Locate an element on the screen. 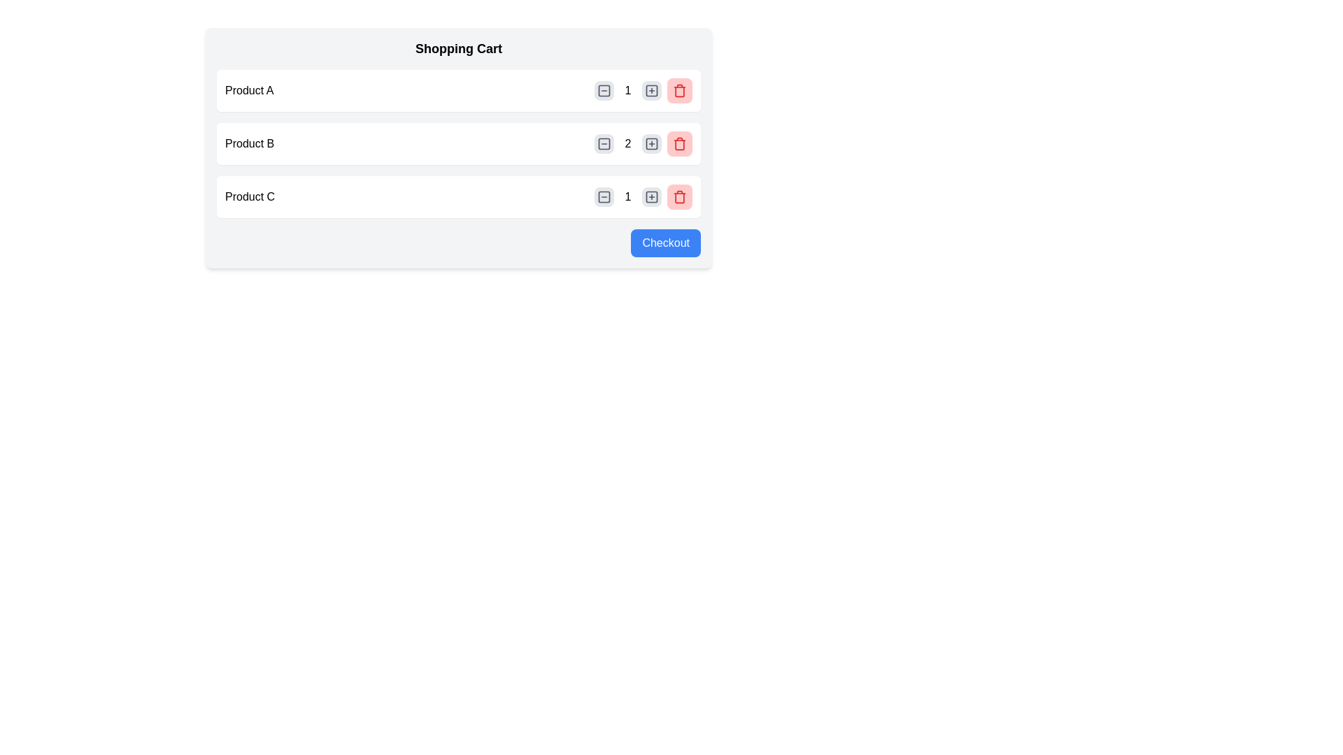 The width and height of the screenshot is (1343, 755). the 'Checkout' button, which is a vibrant blue rectangular button with rounded edges located at the bottom-right corner of the 'Shopping Cart' section is located at coordinates (665, 242).